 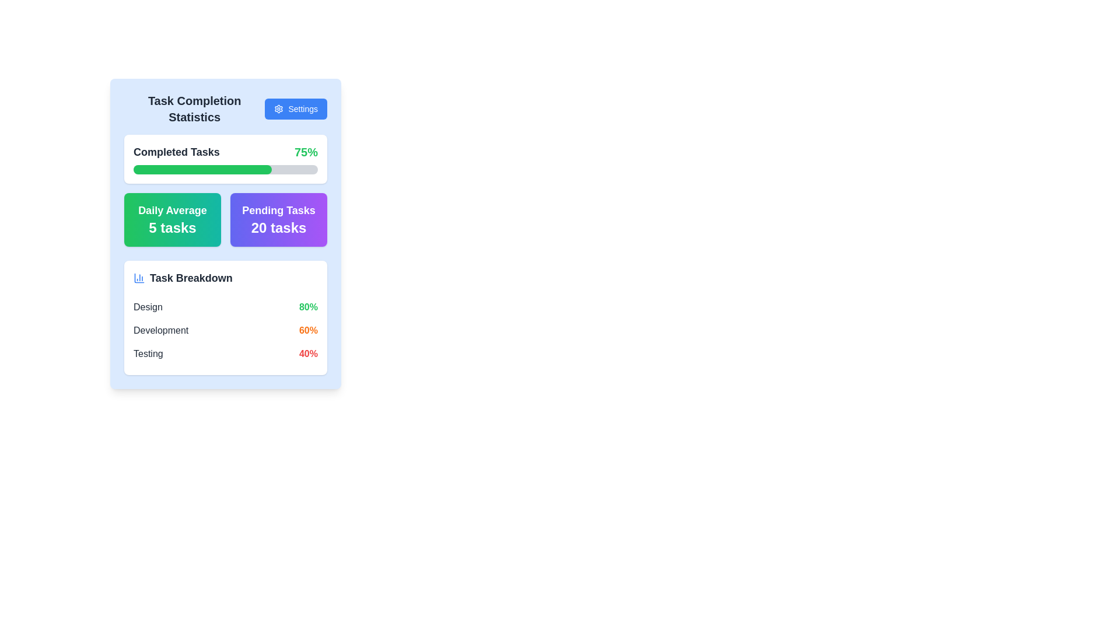 I want to click on the static text display that shows the percentage completion for the 'Development' task in the 'Task Breakdown' section, located in the right column of the second row next to the label 'Development', so click(x=308, y=331).